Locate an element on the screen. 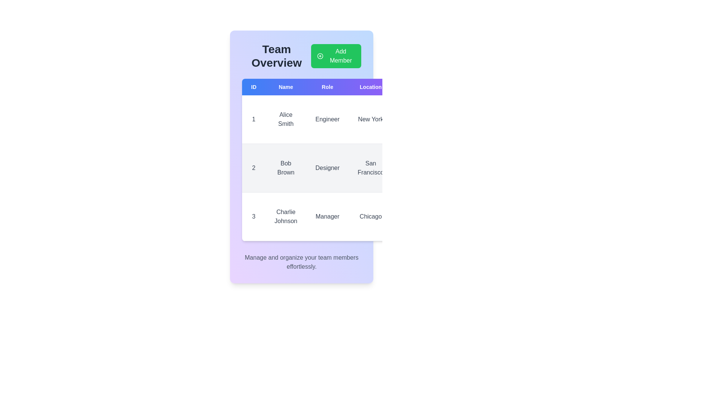 The width and height of the screenshot is (724, 407). the 'Name' column header in the table, which is the second column header located between 'ID' and 'Role' is located at coordinates (285, 87).